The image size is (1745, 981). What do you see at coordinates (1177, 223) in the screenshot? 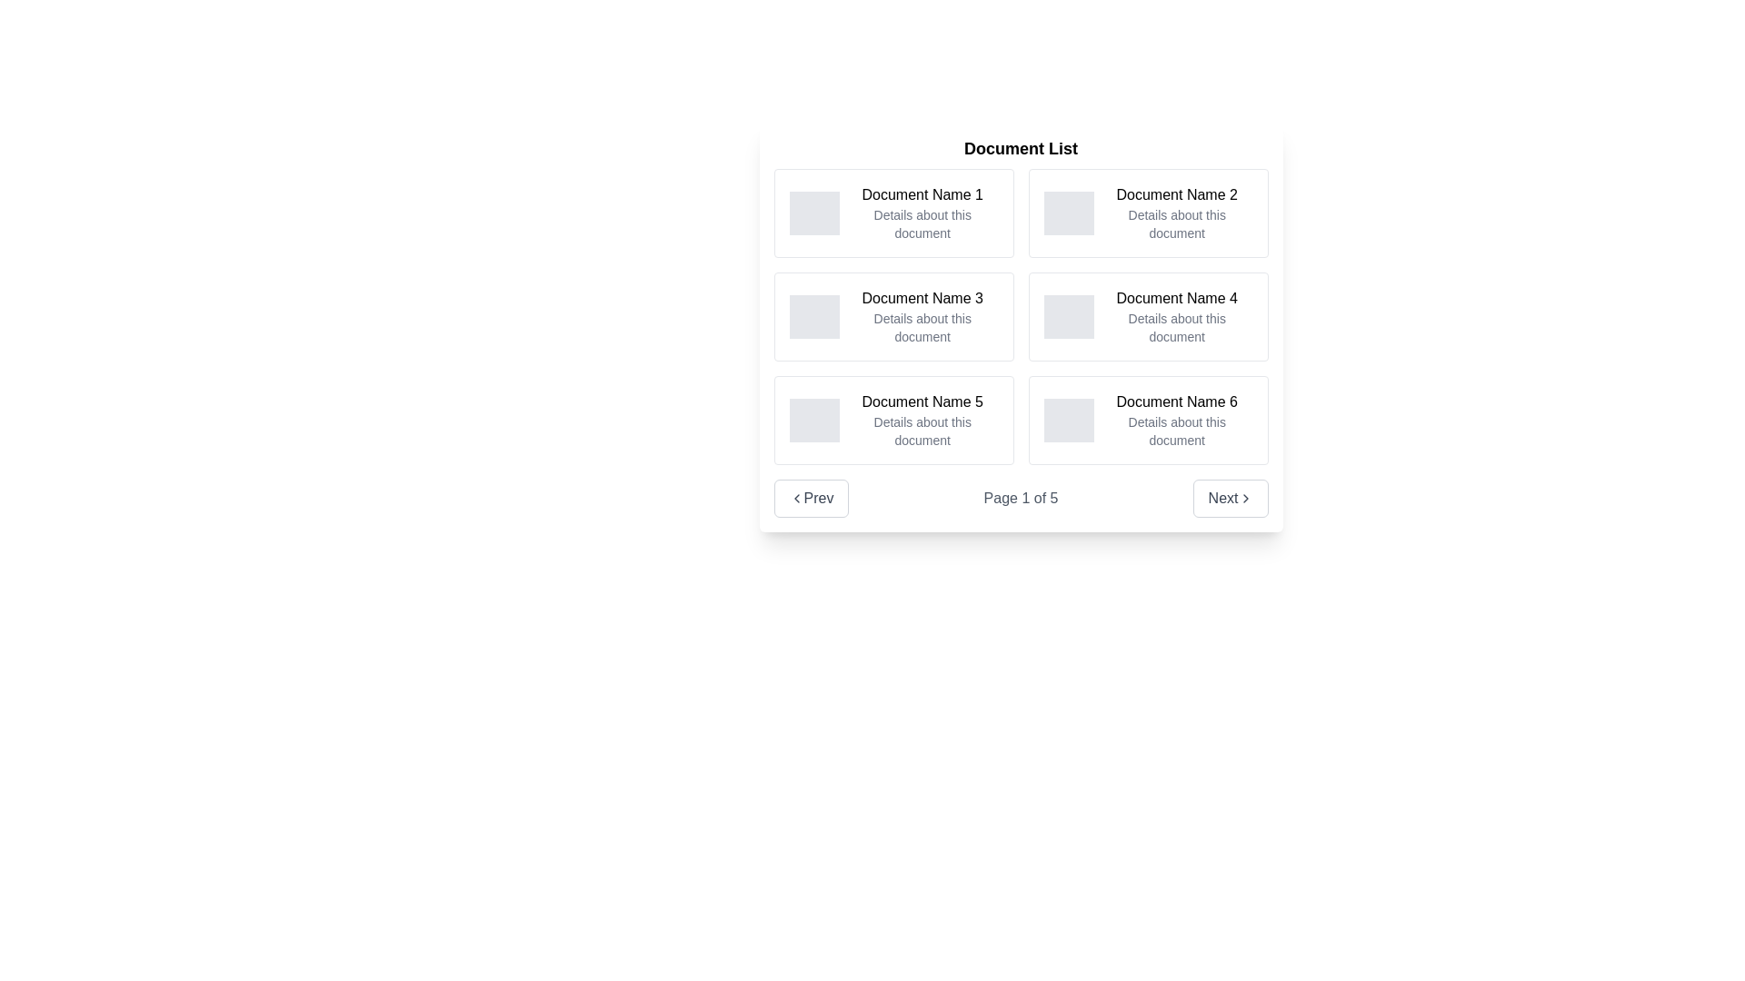
I see `the descriptive text label providing additional details about 'Document Name 2', located below its title in the second card of the grid layout` at bounding box center [1177, 223].